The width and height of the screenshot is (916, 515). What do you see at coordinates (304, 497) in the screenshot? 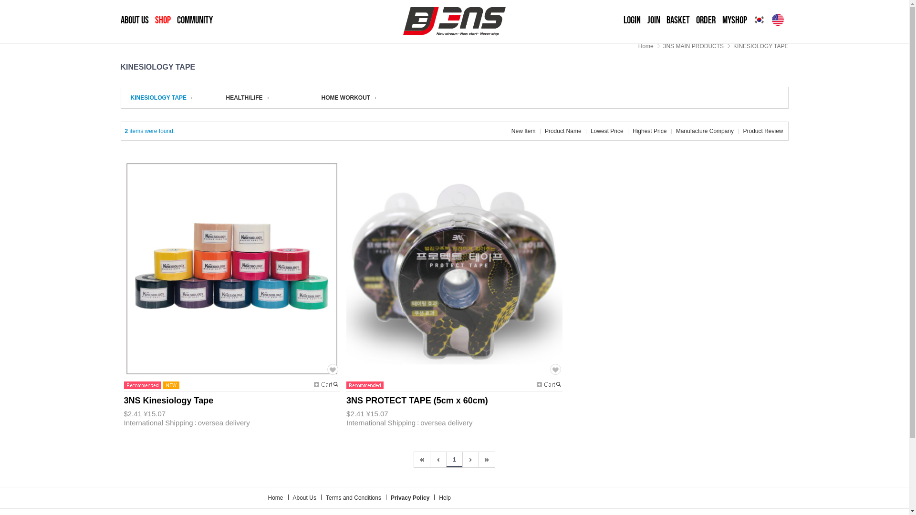
I see `'About Us'` at bounding box center [304, 497].